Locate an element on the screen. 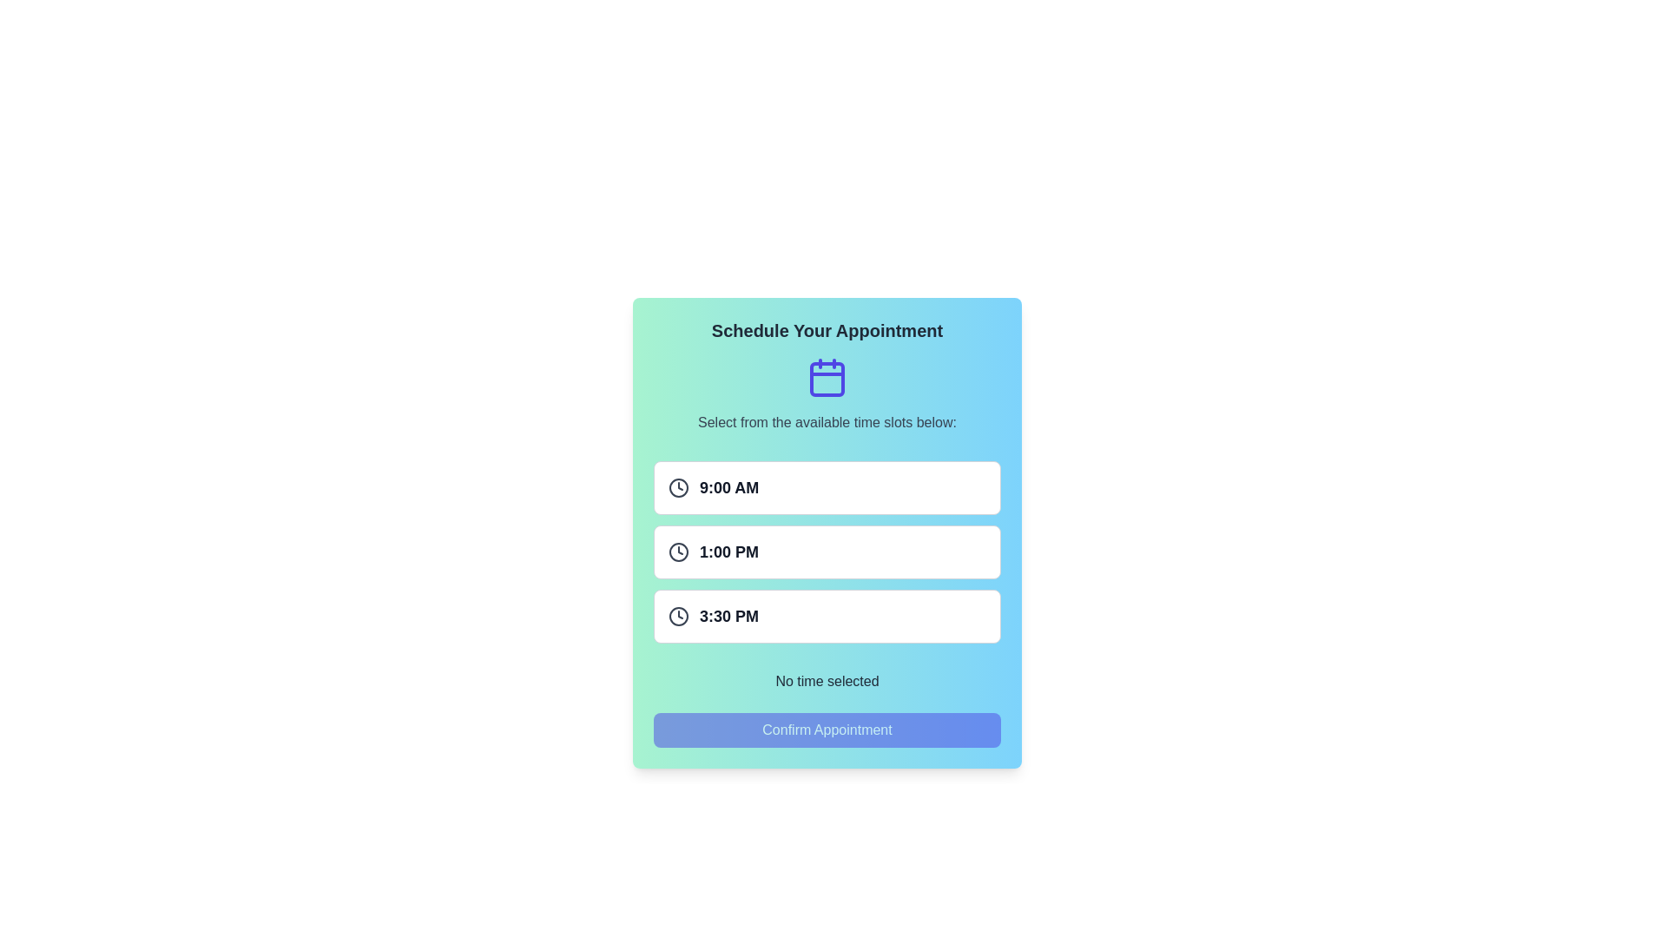 The height and width of the screenshot is (938, 1667). the graphical circle within the clock icon, located to the left of the '3:30 PM' time option is located at coordinates (678, 615).